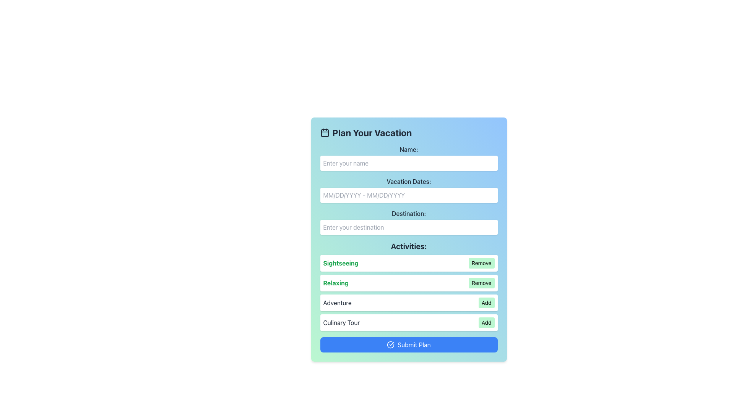 The width and height of the screenshot is (734, 412). I want to click on the right portion of the approval icon within the 'Submit Plan' button at the bottom of the form, so click(391, 344).